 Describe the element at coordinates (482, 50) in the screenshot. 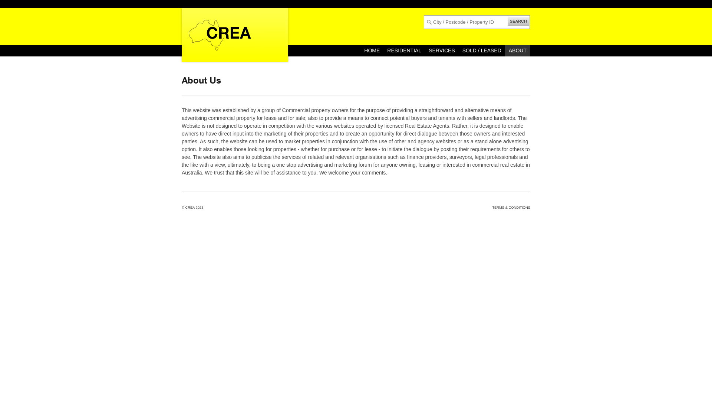

I see `'SOLD / LEASED'` at that location.